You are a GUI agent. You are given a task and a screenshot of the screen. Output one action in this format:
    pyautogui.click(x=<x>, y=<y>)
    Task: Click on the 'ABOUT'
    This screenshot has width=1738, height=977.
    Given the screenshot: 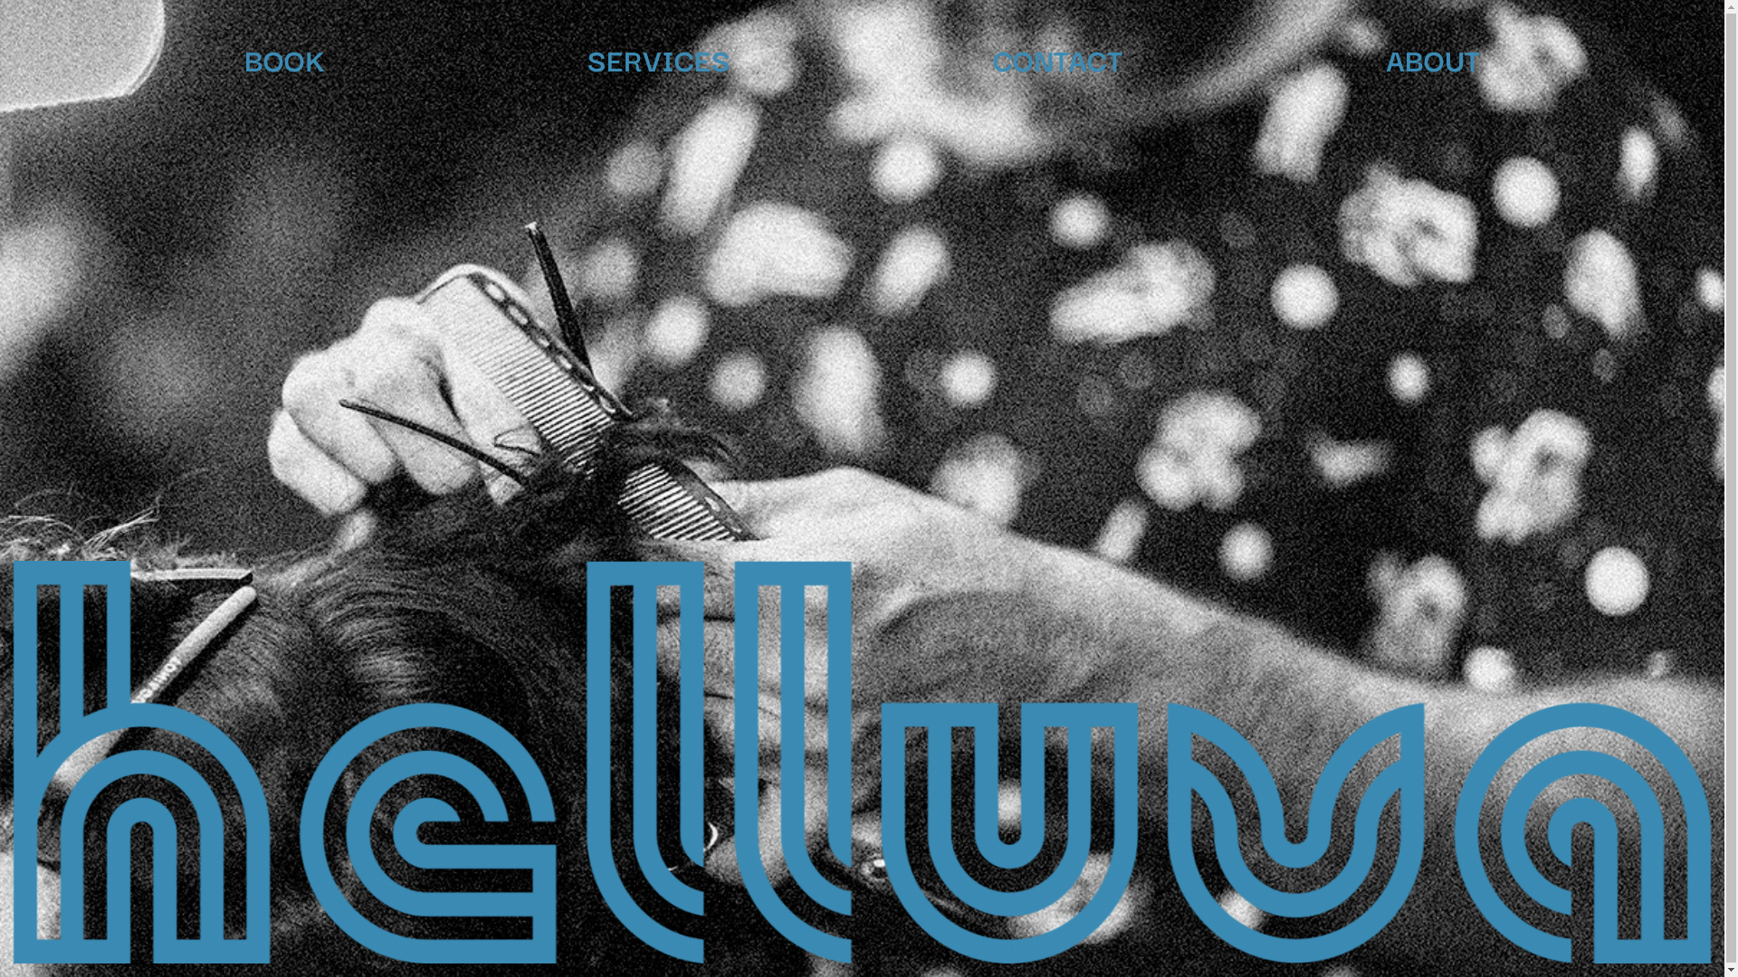 What is the action you would take?
    pyautogui.click(x=1432, y=57)
    